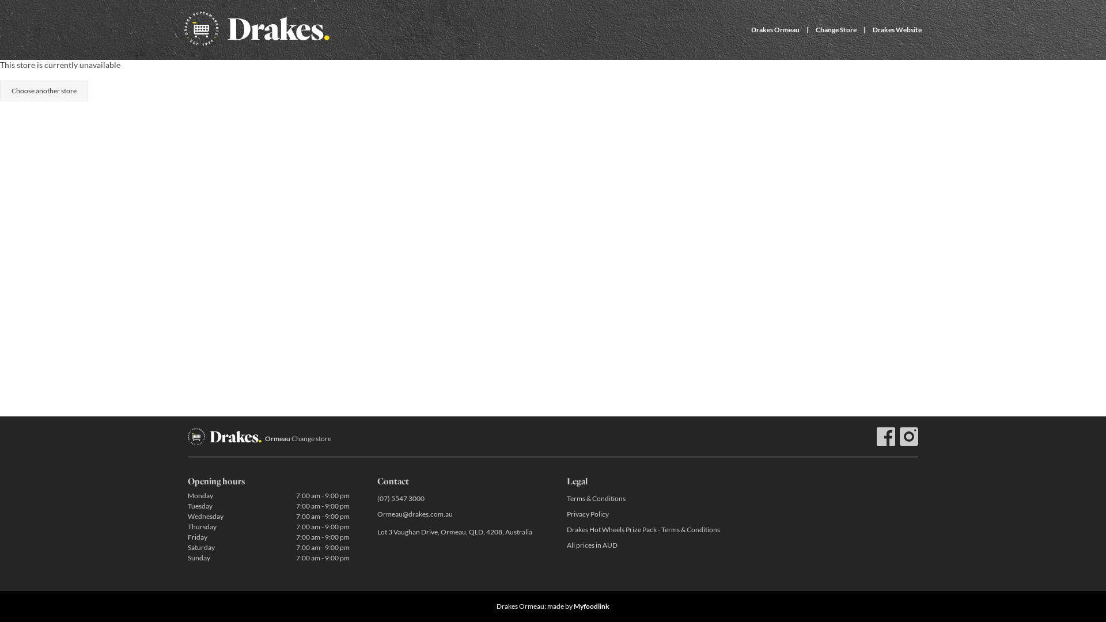 The height and width of the screenshot is (622, 1106). I want to click on 'Choose another store', so click(44, 90).